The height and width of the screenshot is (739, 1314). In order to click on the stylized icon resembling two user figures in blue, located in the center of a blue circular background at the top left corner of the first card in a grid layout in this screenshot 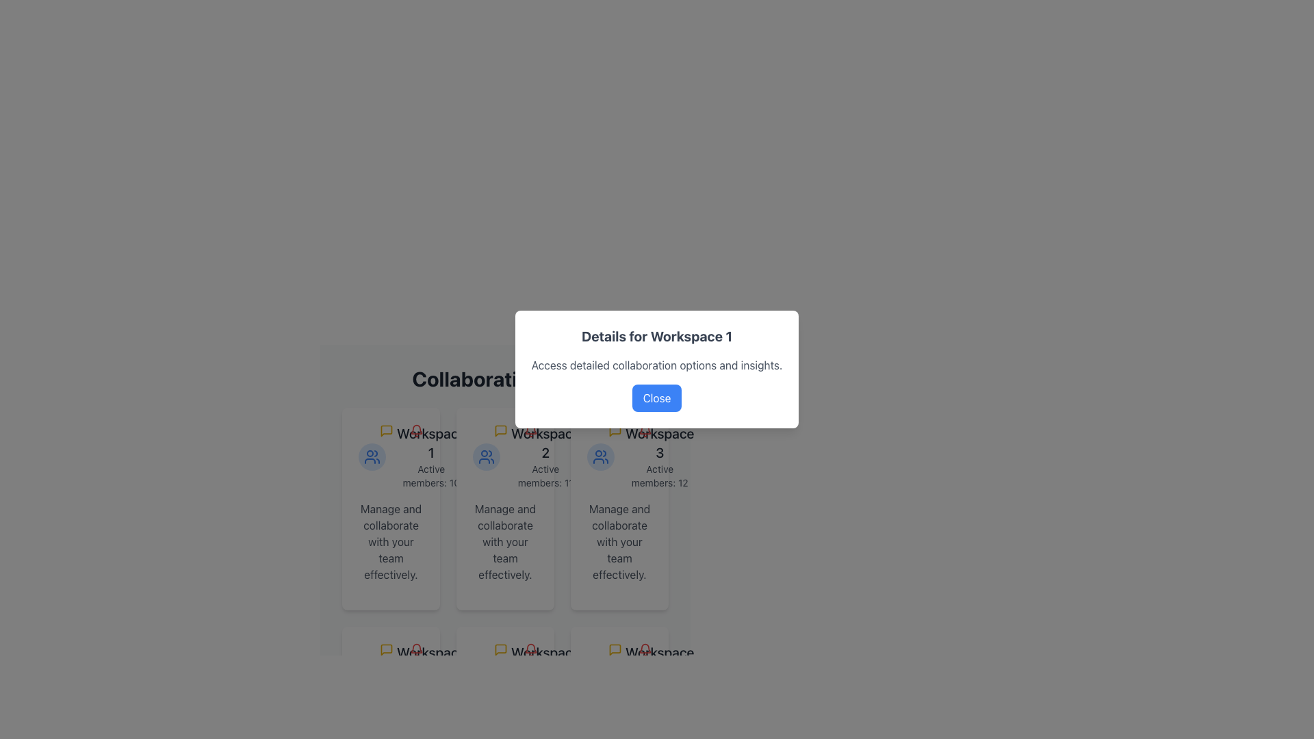, I will do `click(372, 456)`.